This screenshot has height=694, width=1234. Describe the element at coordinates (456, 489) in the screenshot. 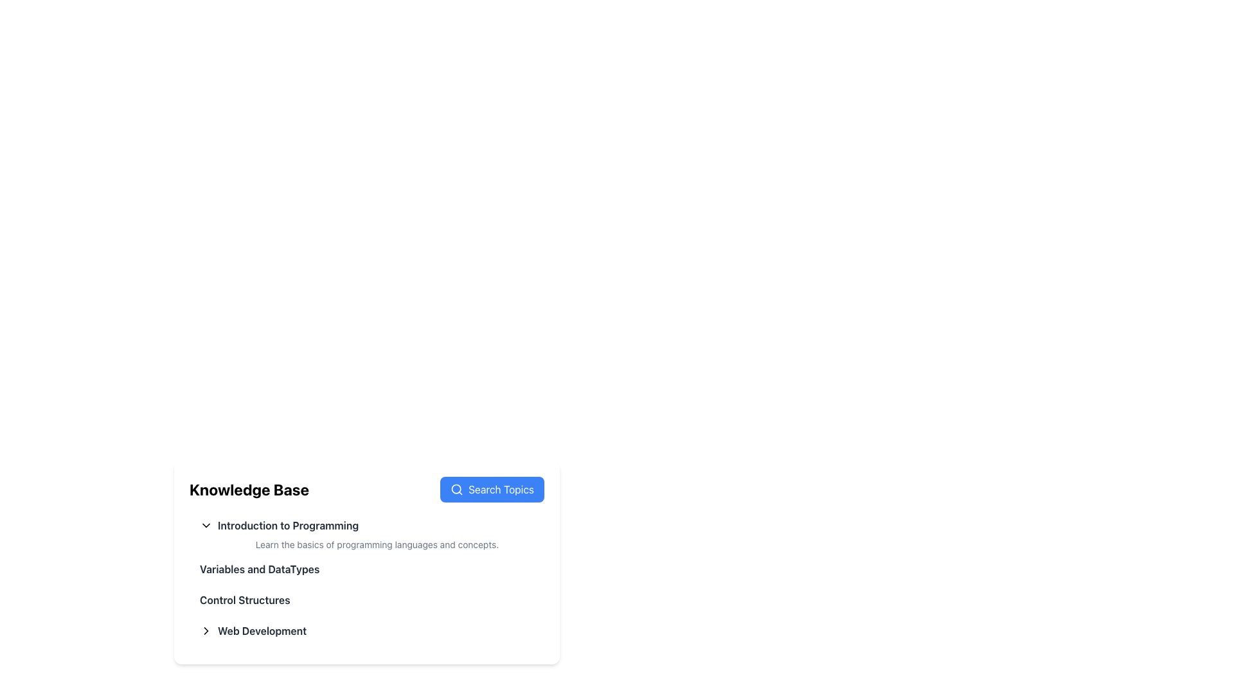

I see `the circular graphical representation of the search lens within the magnifying glass icon, located in the blue rectangular button labeled 'Search Topics' near the top right of the 'Knowledge Base' section` at that location.